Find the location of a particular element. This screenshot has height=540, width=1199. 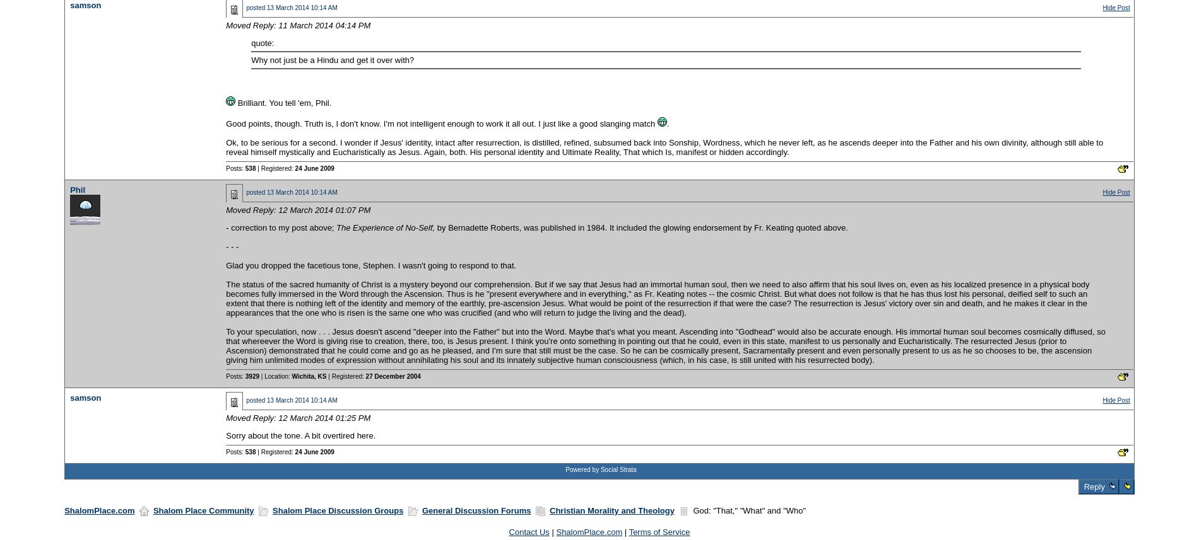

'Christian Morality and Theology' is located at coordinates (611, 510).